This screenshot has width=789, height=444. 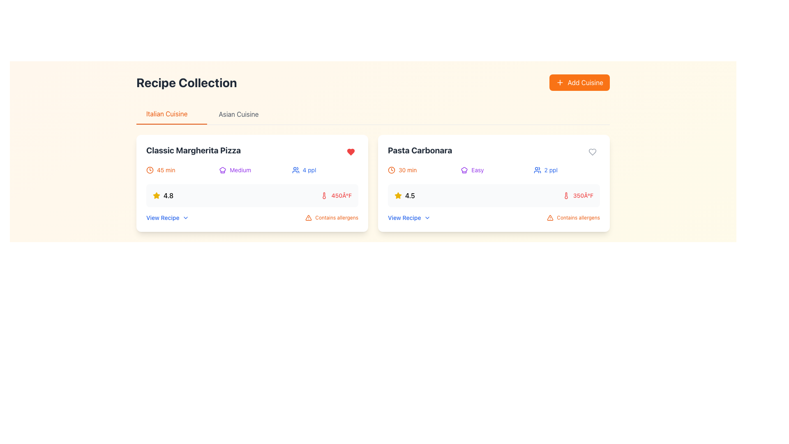 What do you see at coordinates (573, 217) in the screenshot?
I see `the 'Contains allergens' text label with caution icon, which is bright orange and located in the bottom right corner of the 'Pasta Carbonara' recipe card` at bounding box center [573, 217].